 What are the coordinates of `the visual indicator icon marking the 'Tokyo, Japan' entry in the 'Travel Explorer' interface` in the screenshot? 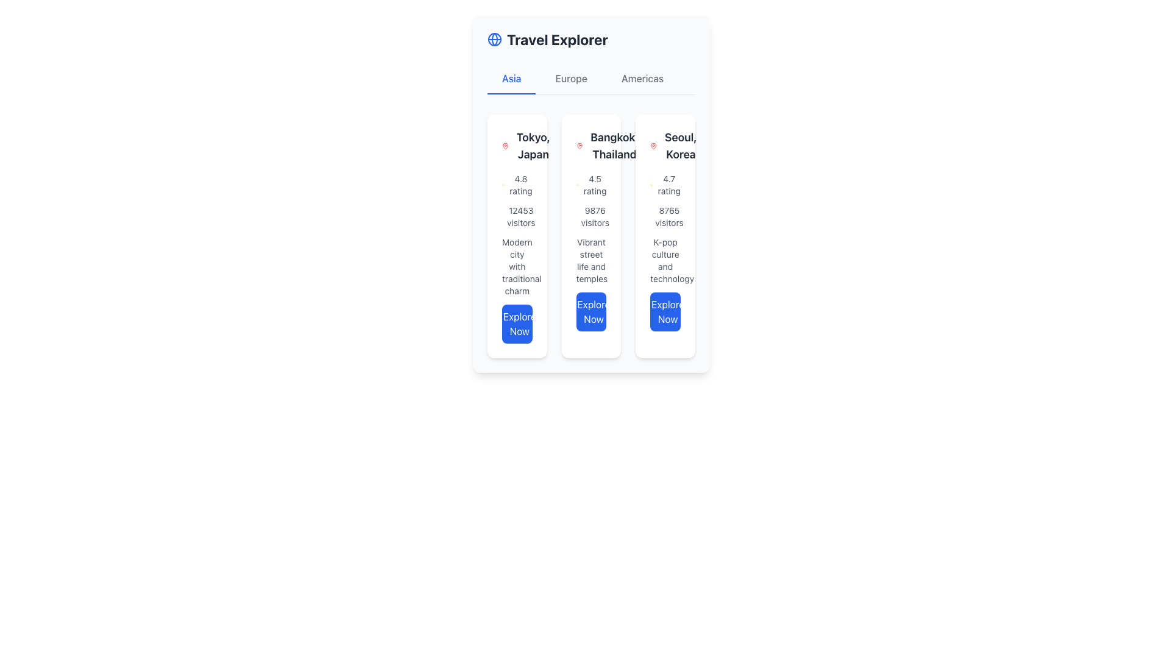 It's located at (505, 145).